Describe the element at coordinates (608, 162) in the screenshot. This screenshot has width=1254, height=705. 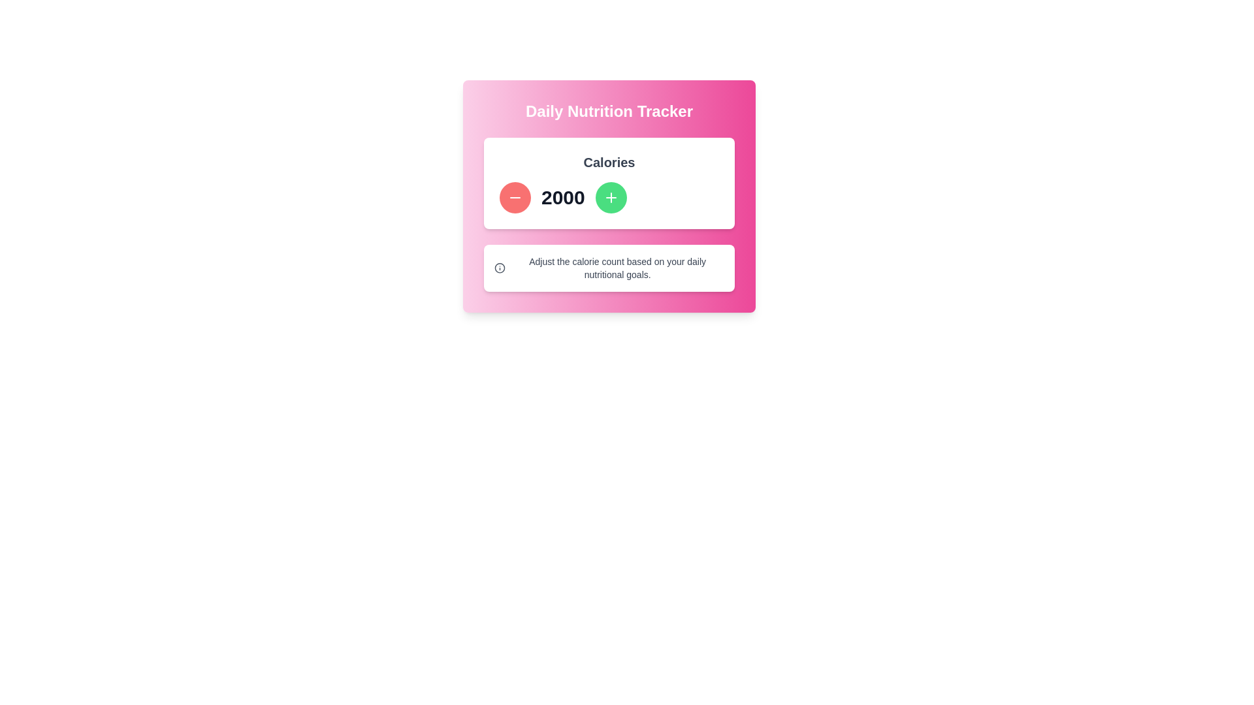
I see `the 'Calories' label located in the upper portion of a white card with rounded corners, which is horizontally centered above the numeric calorie value and adjustment buttons` at that location.